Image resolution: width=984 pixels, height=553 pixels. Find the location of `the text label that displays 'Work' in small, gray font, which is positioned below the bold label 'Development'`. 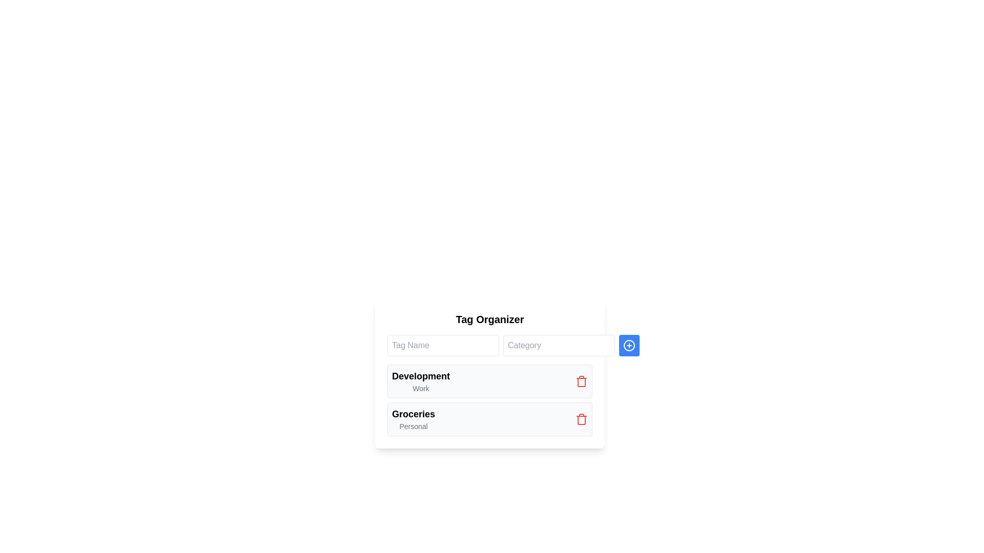

the text label that displays 'Work' in small, gray font, which is positioned below the bold label 'Development' is located at coordinates (421, 389).